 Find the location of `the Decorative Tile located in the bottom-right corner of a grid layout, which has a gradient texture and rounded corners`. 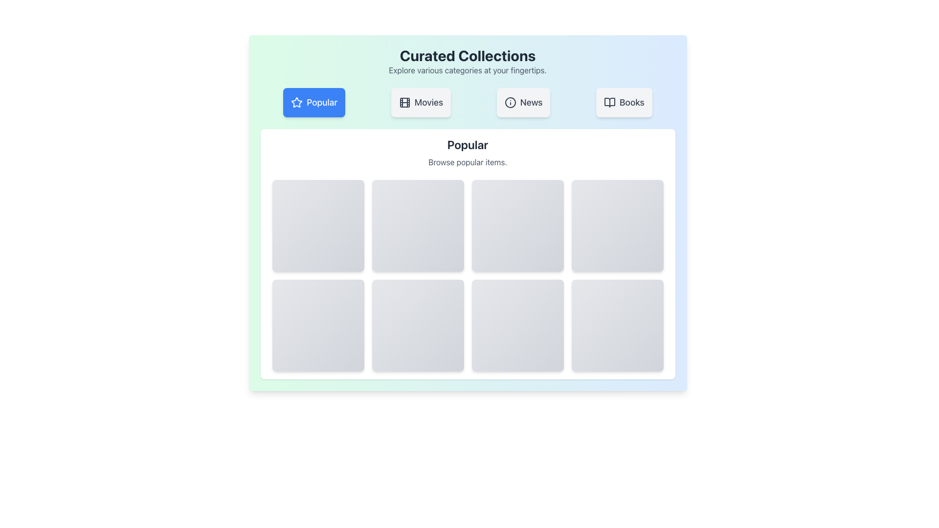

the Decorative Tile located in the bottom-right corner of a grid layout, which has a gradient texture and rounded corners is located at coordinates (617, 326).